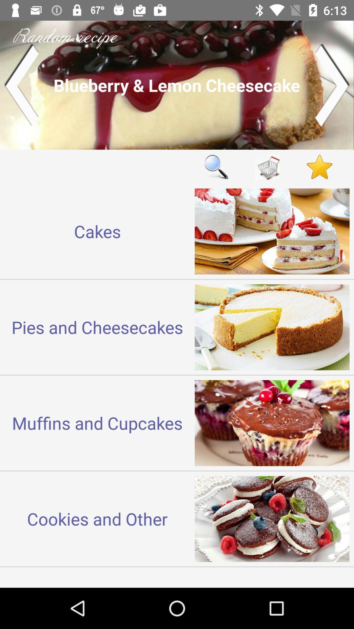 The image size is (354, 629). I want to click on the star icon, so click(319, 167).